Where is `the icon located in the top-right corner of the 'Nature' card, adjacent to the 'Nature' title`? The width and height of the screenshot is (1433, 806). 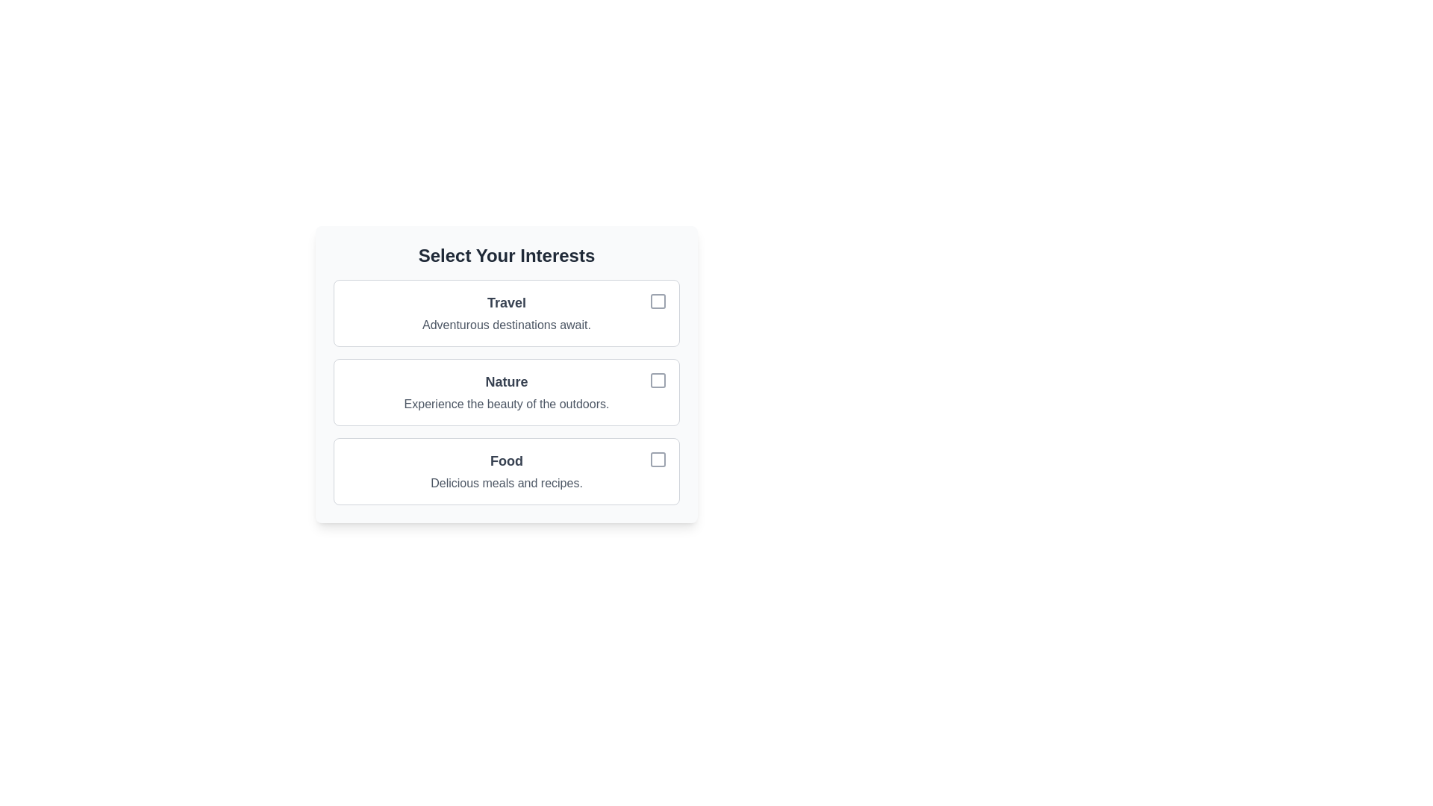
the icon located in the top-right corner of the 'Nature' card, adjacent to the 'Nature' title is located at coordinates (658, 379).